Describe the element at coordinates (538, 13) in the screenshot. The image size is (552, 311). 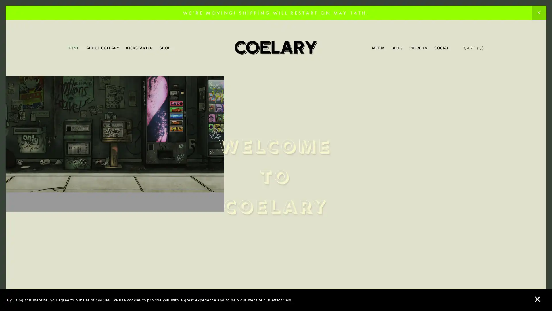
I see `Close Announcement` at that location.